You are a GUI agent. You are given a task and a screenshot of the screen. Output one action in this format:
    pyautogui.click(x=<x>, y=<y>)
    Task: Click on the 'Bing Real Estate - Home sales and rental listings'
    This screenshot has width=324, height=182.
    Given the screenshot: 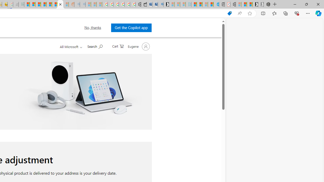 What is the action you would take?
    pyautogui.click(x=160, y=4)
    